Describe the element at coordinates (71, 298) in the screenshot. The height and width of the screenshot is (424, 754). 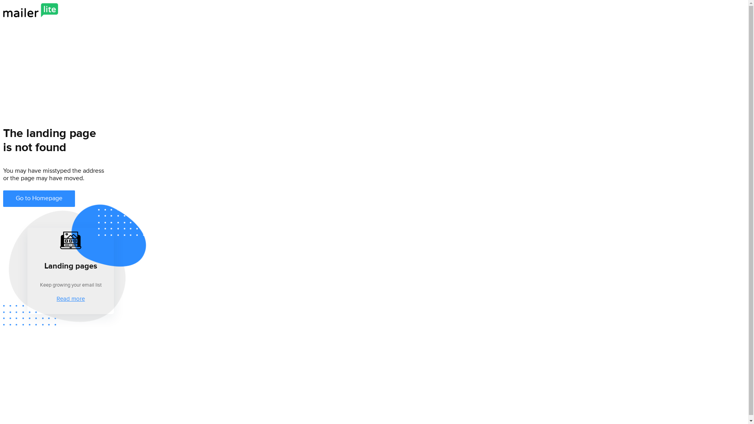
I see `'Read more'` at that location.